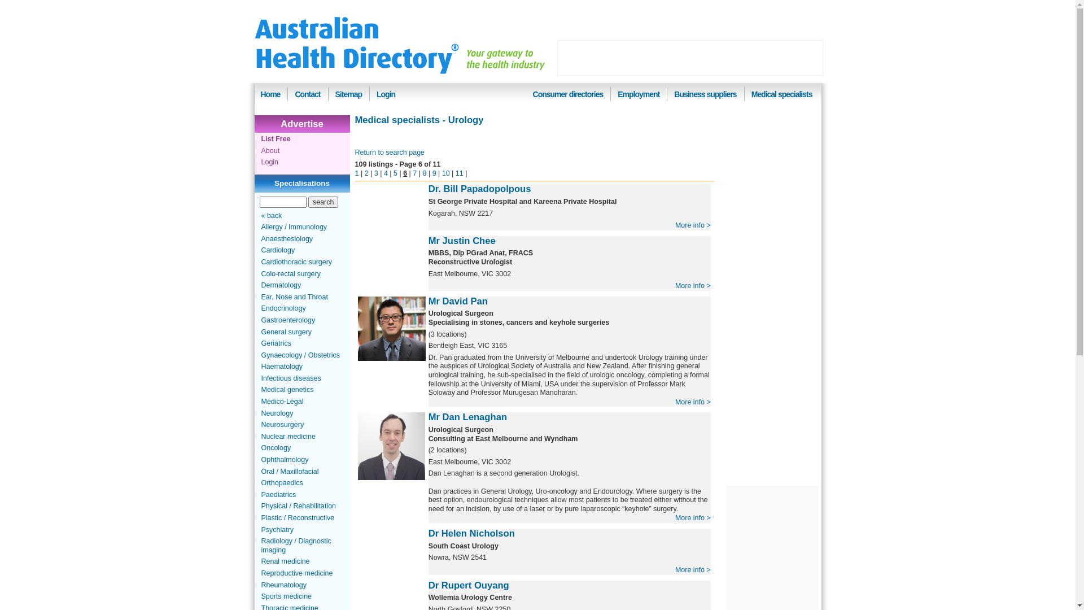 The image size is (1084, 610). What do you see at coordinates (768, 289) in the screenshot?
I see `'Advertisement'` at bounding box center [768, 289].